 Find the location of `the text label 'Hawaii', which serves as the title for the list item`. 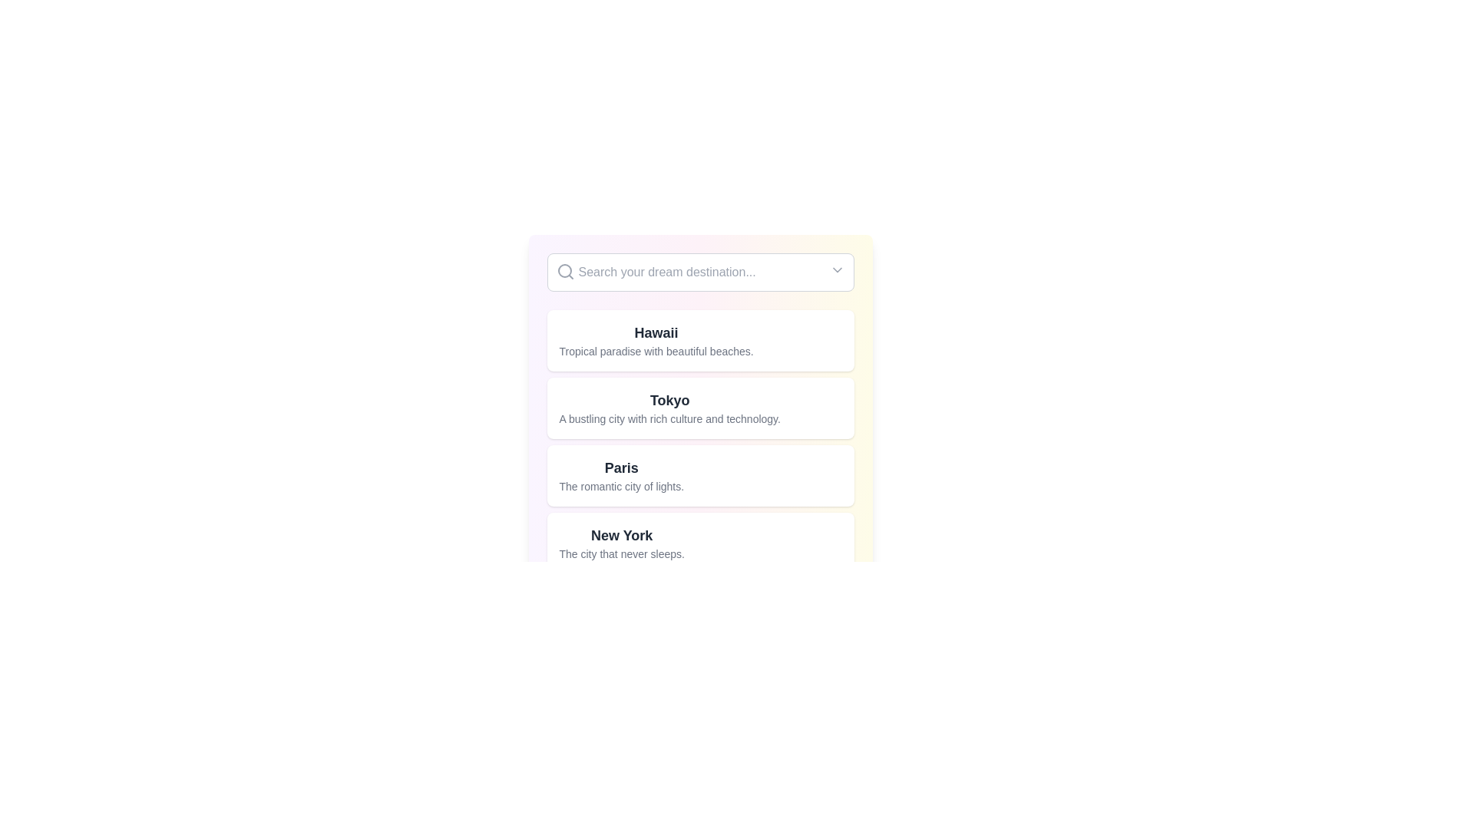

the text label 'Hawaii', which serves as the title for the list item is located at coordinates (656, 332).